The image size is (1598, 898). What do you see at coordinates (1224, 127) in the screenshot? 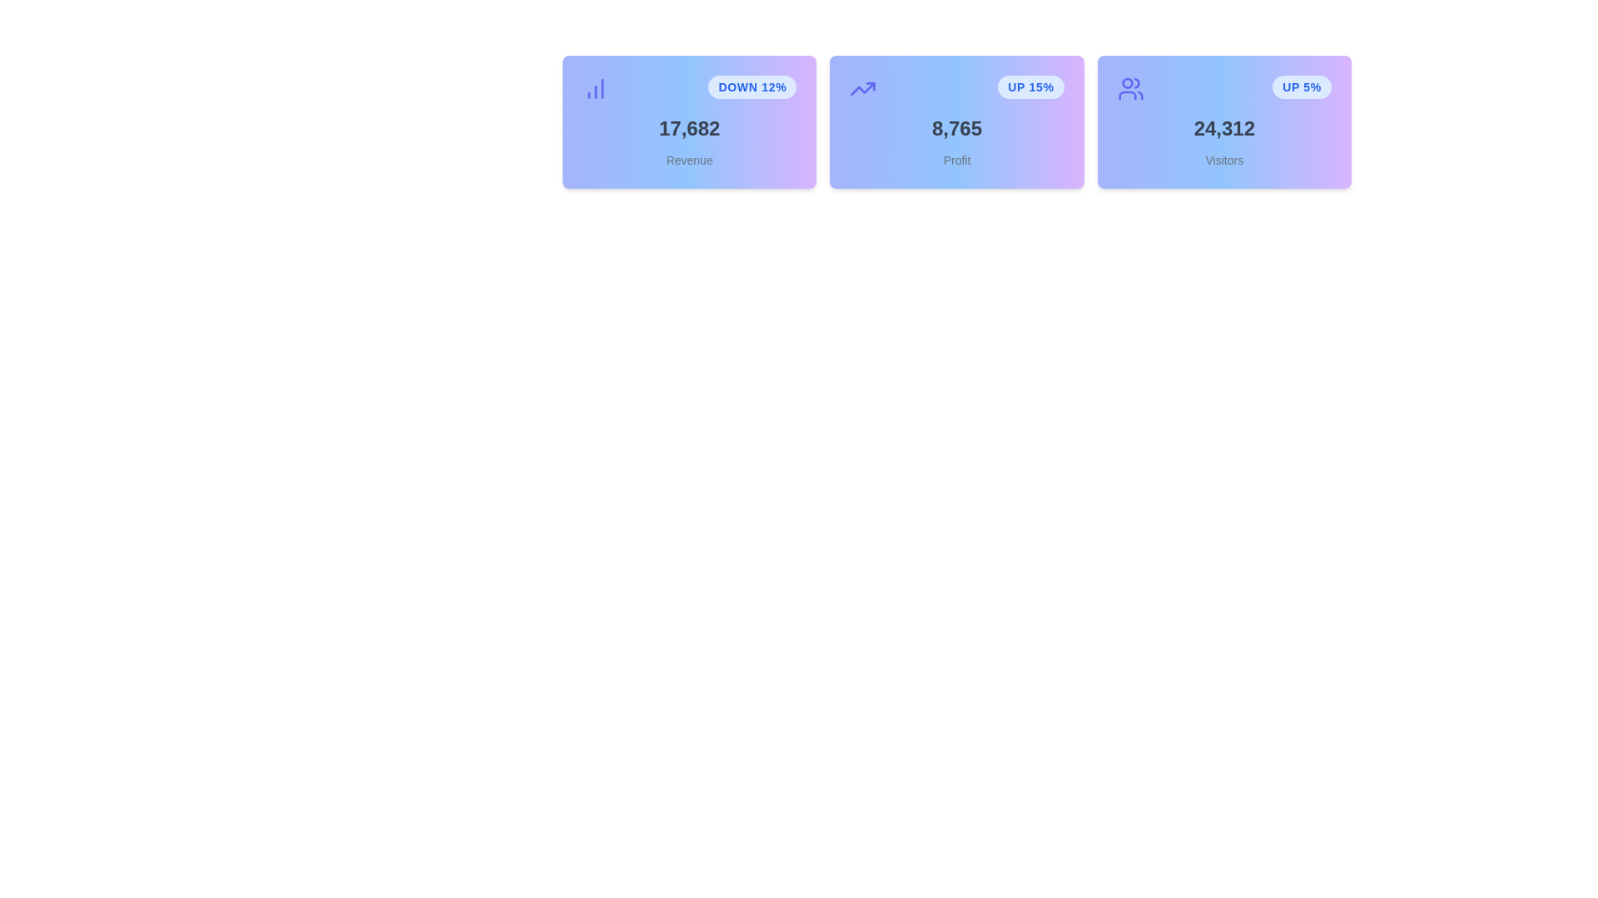
I see `the large, bold text display element showing '24,312' located on the rightmost card in a series of three cards, positioned beneath the 'UP 5%' label and above the 'Visitors' label` at bounding box center [1224, 127].